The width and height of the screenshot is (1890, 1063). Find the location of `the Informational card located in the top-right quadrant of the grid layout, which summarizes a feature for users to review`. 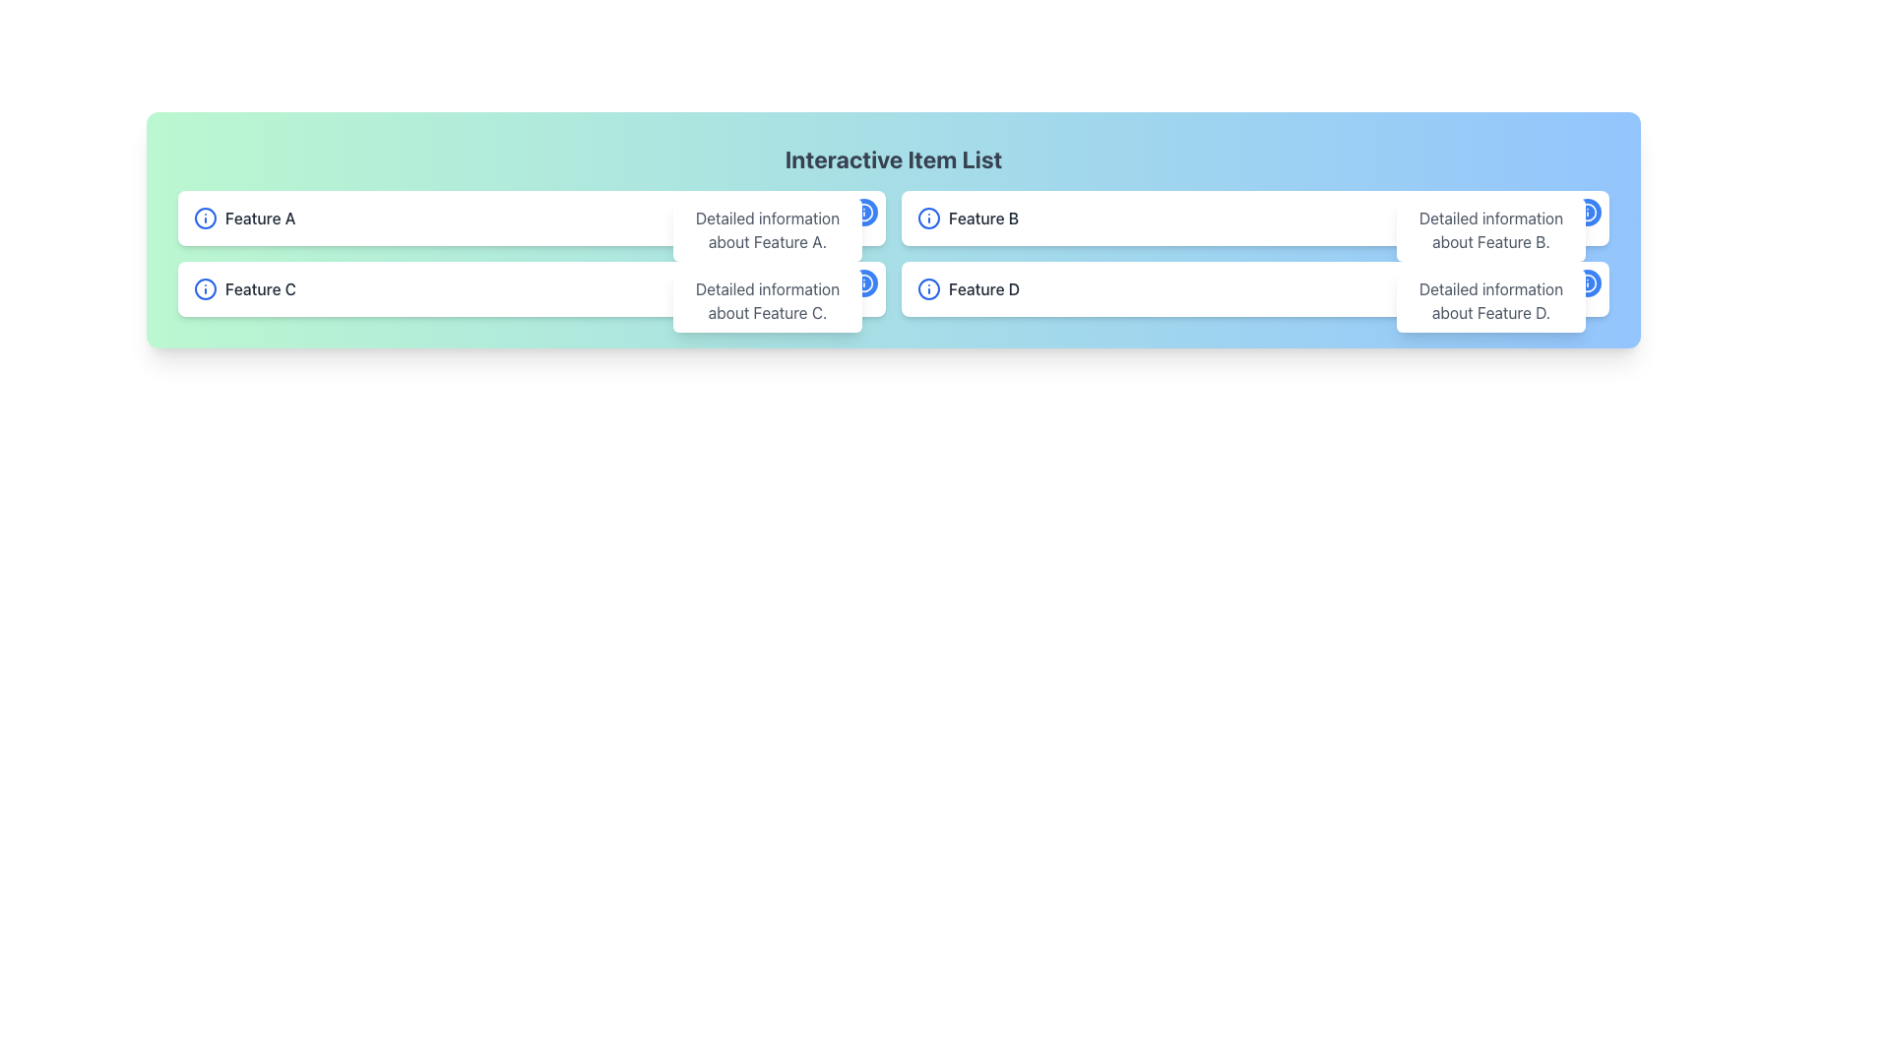

the Informational card located in the top-right quadrant of the grid layout, which summarizes a feature for users to review is located at coordinates (1254, 219).